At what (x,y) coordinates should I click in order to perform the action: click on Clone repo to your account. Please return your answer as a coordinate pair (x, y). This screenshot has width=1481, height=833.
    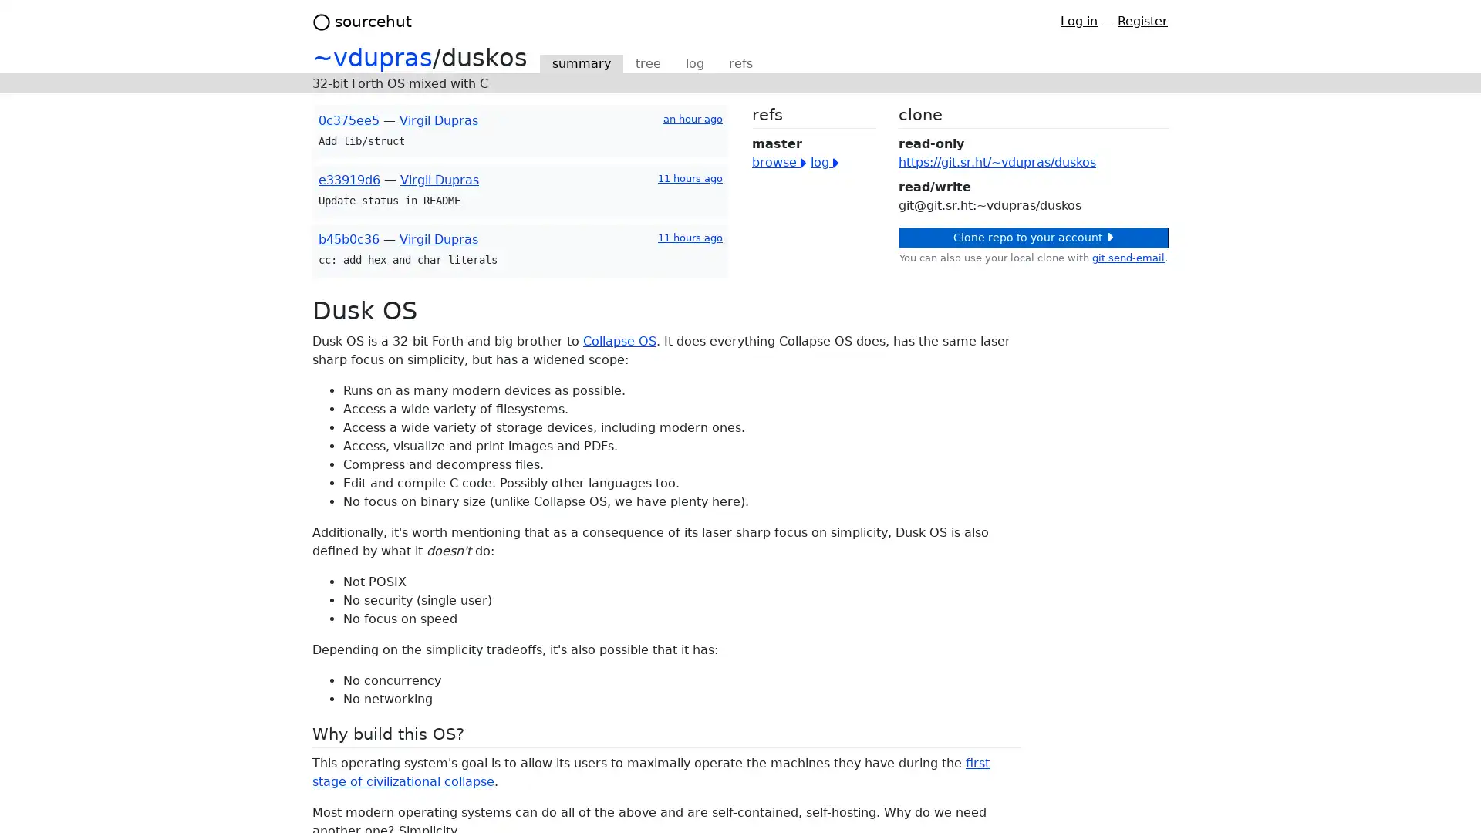
    Looking at the image, I should click on (1033, 238).